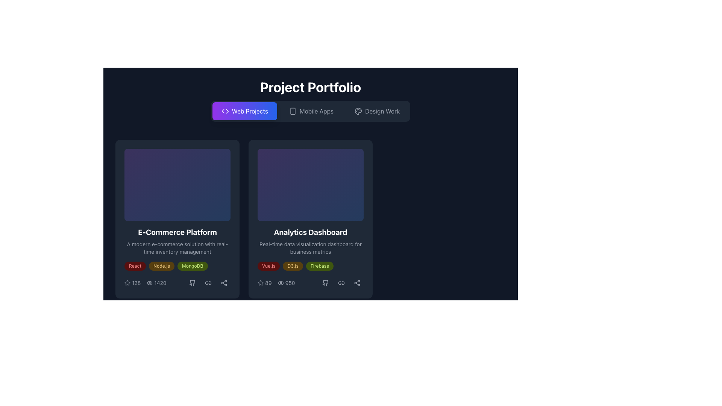 The height and width of the screenshot is (406, 722). Describe the element at coordinates (341, 283) in the screenshot. I see `the small circular button with a chain-link icon, which is the second button in a row of three located below the 'Analytics Dashboard' project card` at that location.